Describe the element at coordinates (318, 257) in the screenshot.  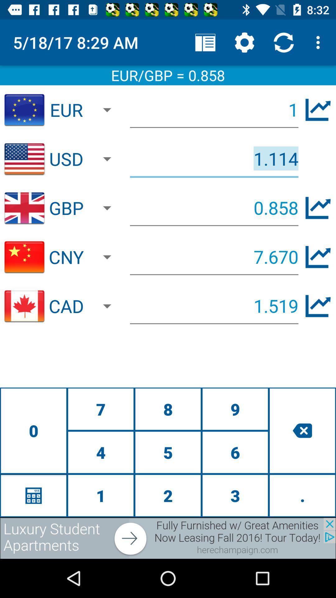
I see `chart` at that location.